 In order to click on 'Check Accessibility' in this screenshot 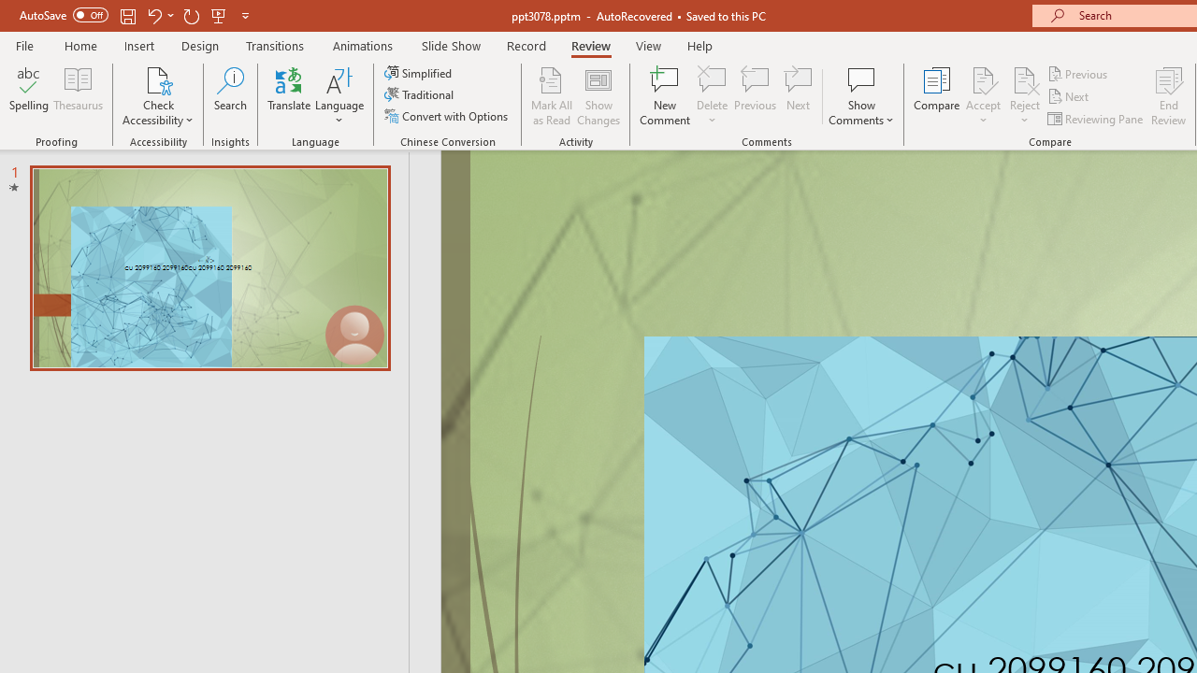, I will do `click(158, 79)`.